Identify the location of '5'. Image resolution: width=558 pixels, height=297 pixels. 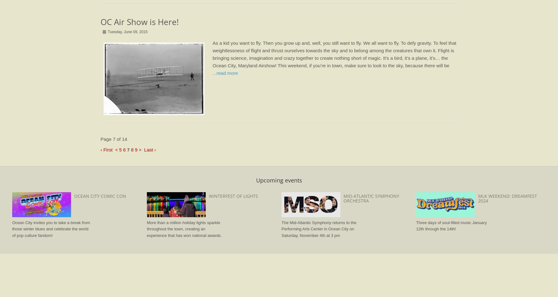
(120, 149).